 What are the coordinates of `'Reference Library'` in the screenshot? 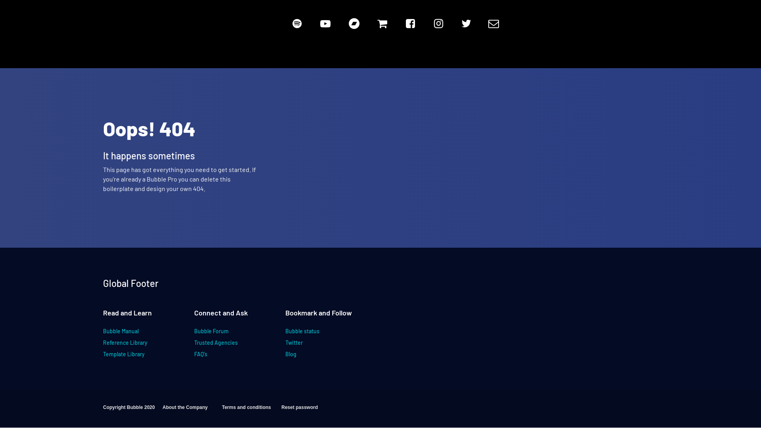 It's located at (133, 345).